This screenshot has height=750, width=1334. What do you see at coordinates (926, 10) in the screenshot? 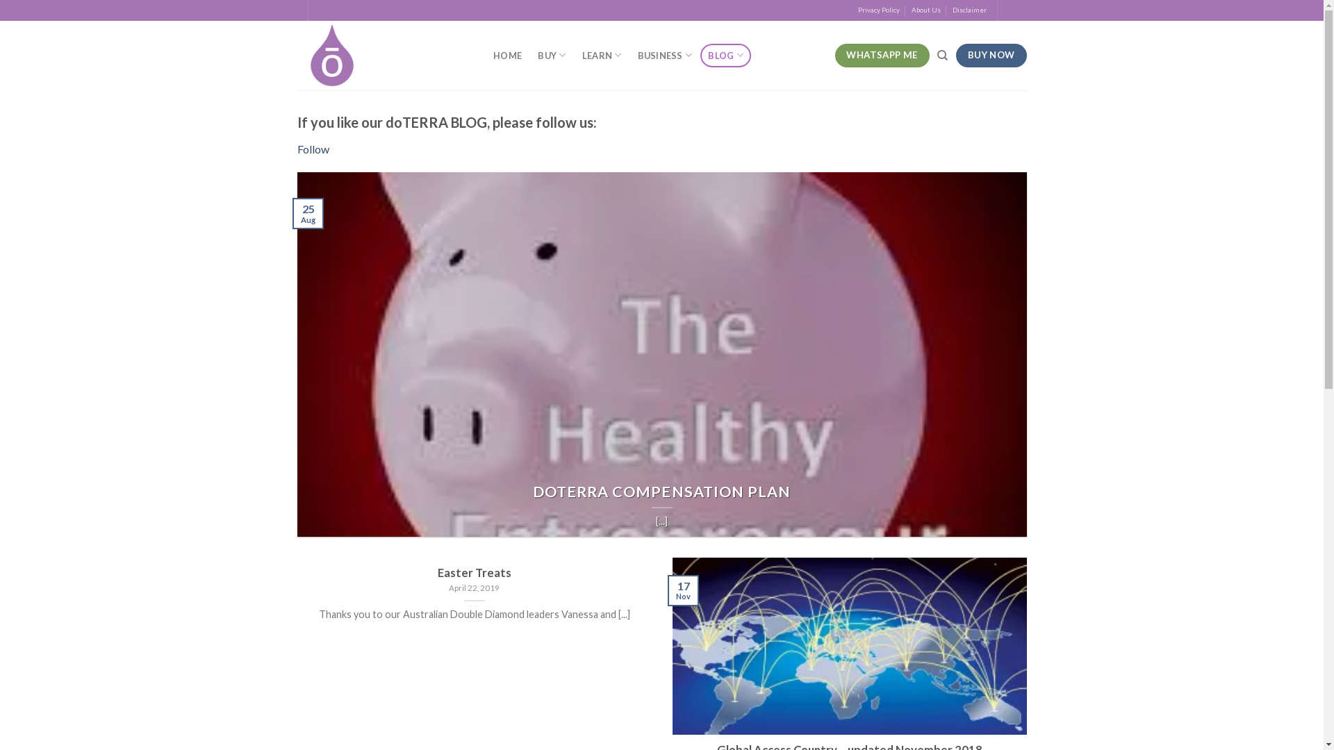
I see `'About Us'` at bounding box center [926, 10].